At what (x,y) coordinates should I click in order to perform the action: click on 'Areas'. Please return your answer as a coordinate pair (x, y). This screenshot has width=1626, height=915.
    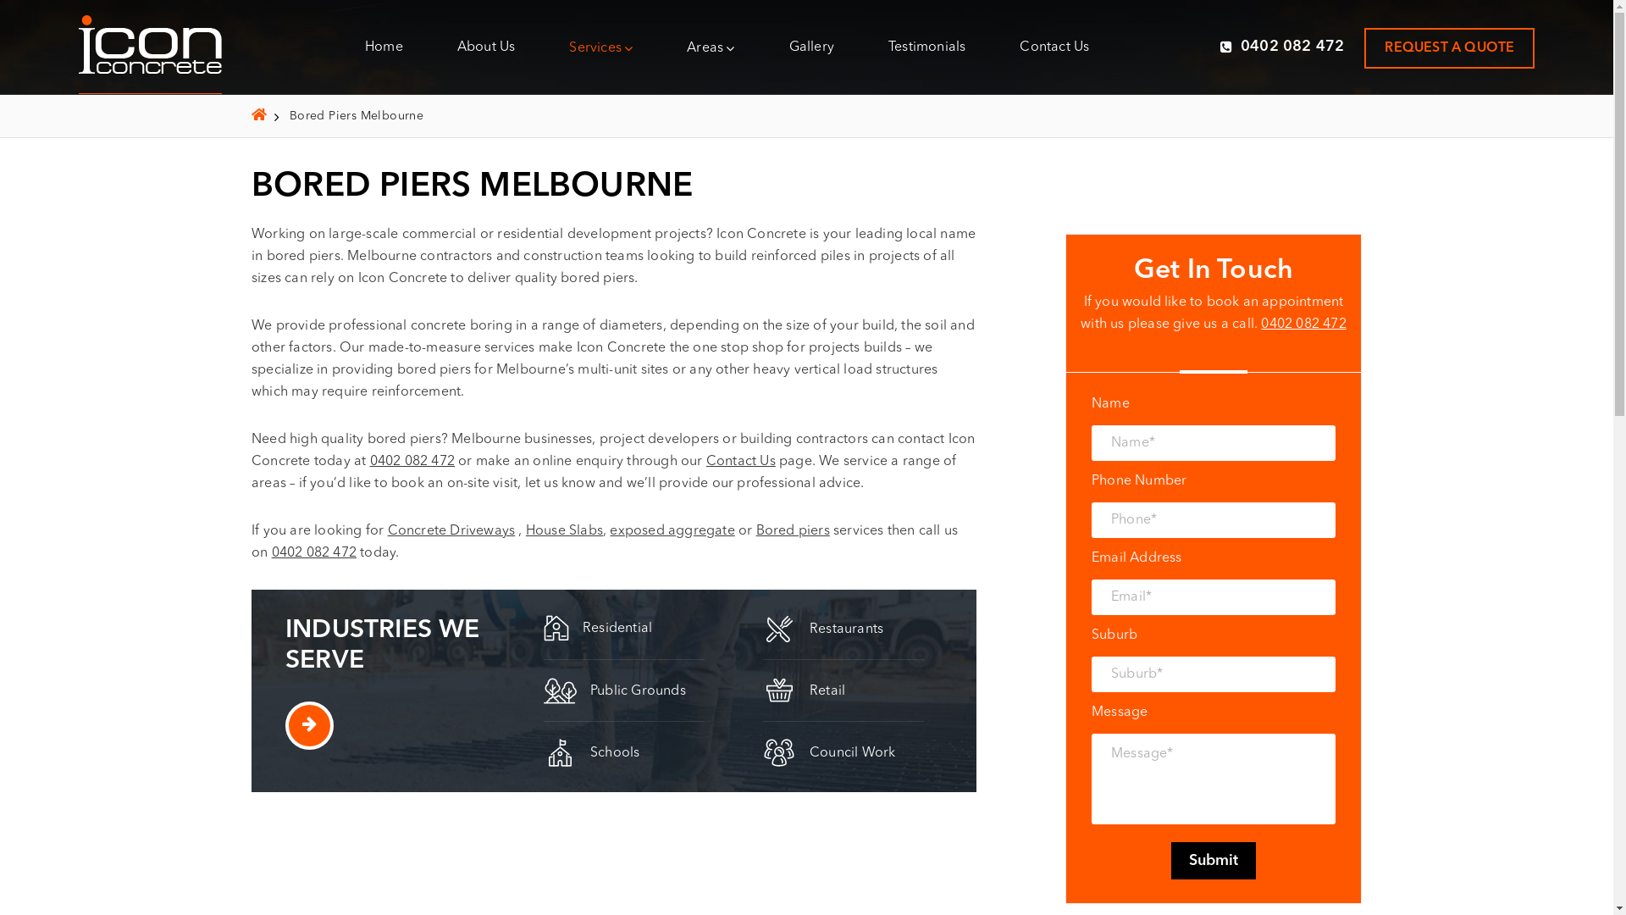
    Looking at the image, I should click on (687, 47).